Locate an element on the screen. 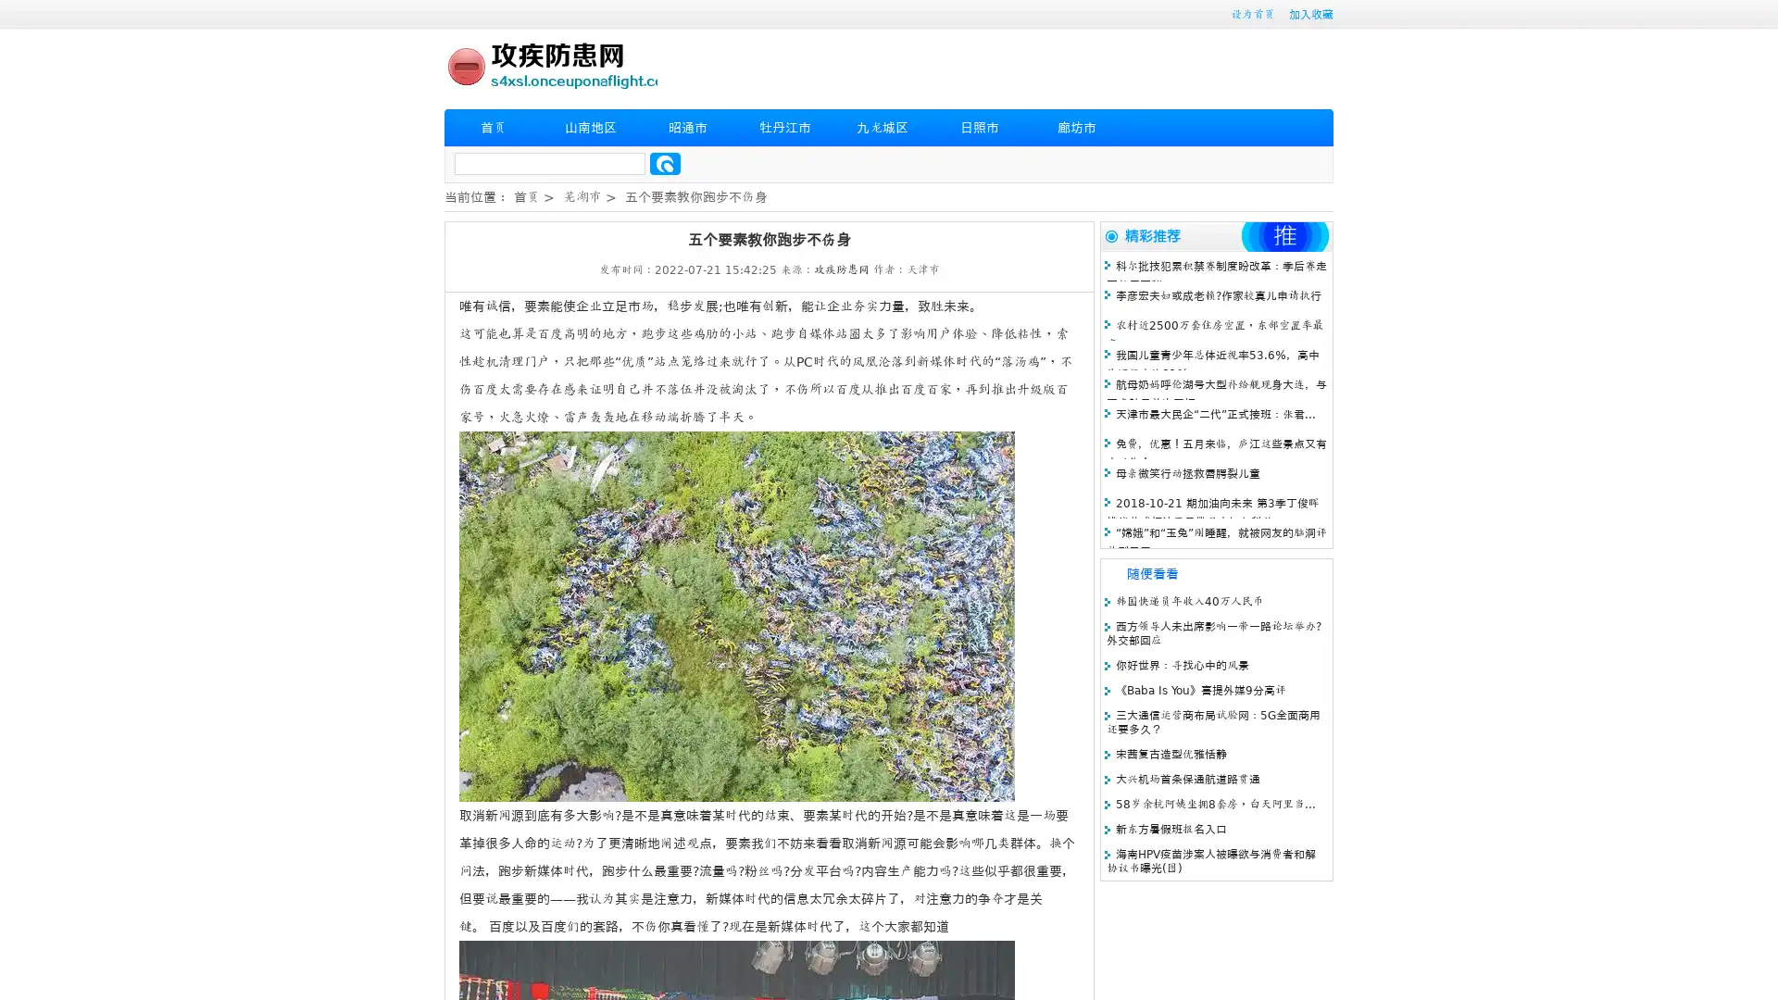  Search is located at coordinates (665, 163).